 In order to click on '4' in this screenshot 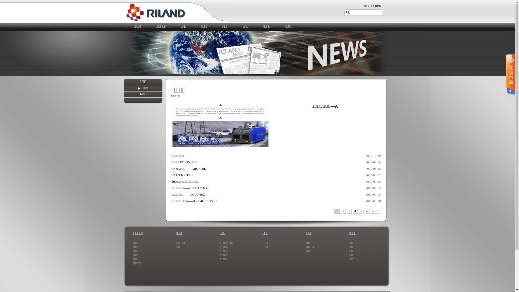, I will do `click(353, 211)`.